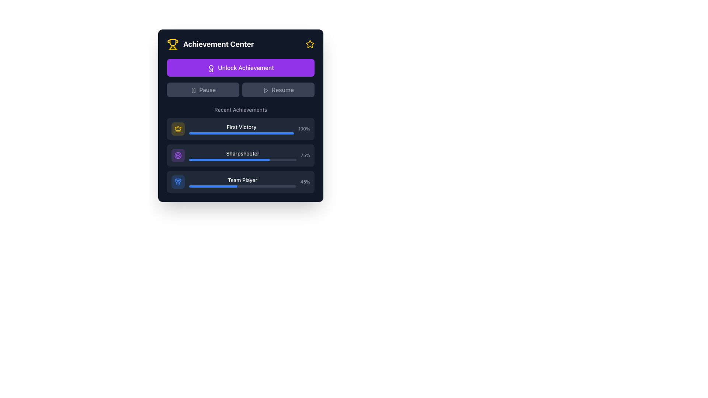 The height and width of the screenshot is (398, 708). What do you see at coordinates (310, 44) in the screenshot?
I see `the yellow-bordered star icon located in the top-right corner of the 'Achievement Center' interface, right next to the textual header` at bounding box center [310, 44].